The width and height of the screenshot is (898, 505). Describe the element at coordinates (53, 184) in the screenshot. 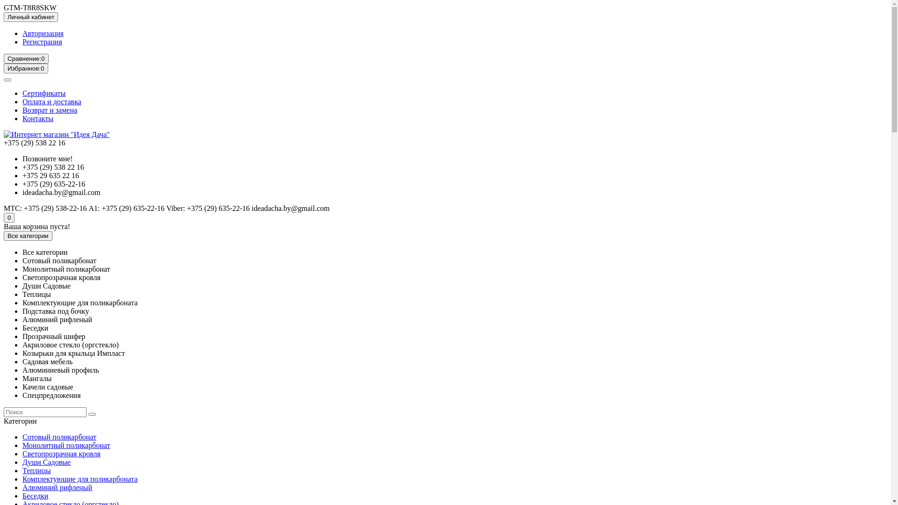

I see `'+375 (29) 635-22-16'` at that location.